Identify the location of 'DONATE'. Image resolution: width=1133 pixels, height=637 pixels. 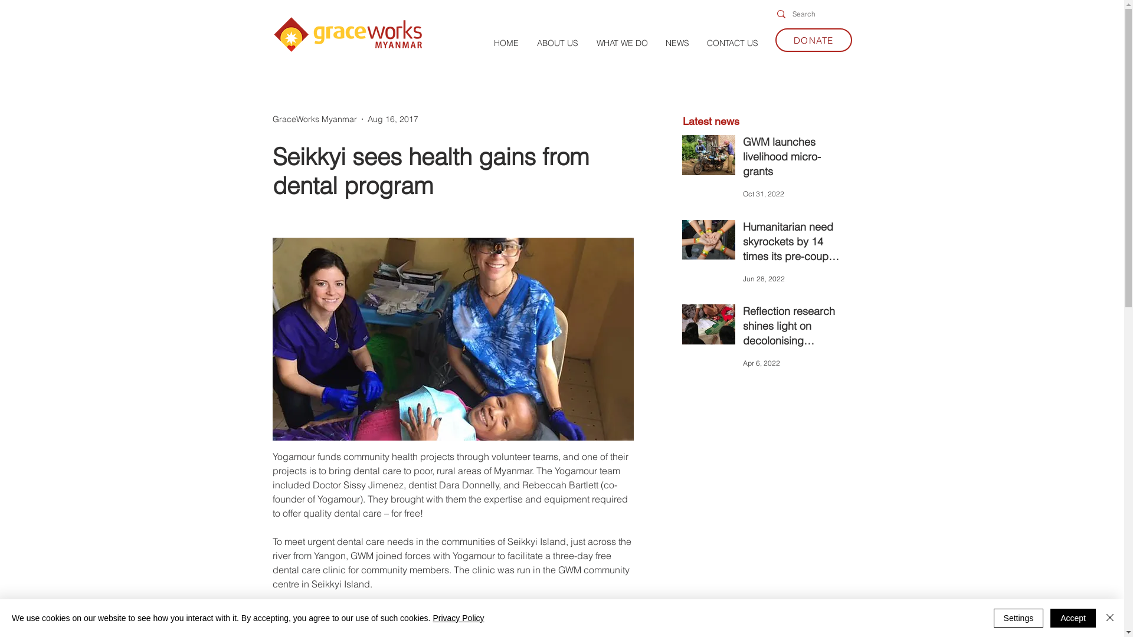
(813, 40).